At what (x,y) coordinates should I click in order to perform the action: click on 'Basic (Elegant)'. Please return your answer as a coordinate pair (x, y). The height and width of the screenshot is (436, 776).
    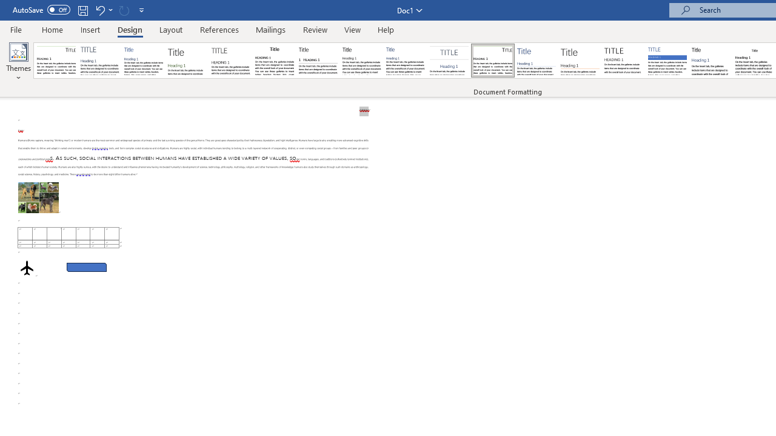
    Looking at the image, I should click on (100, 61).